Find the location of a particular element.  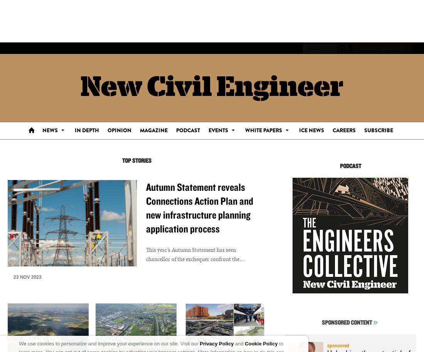

'Subscribe' is located at coordinates (378, 130).